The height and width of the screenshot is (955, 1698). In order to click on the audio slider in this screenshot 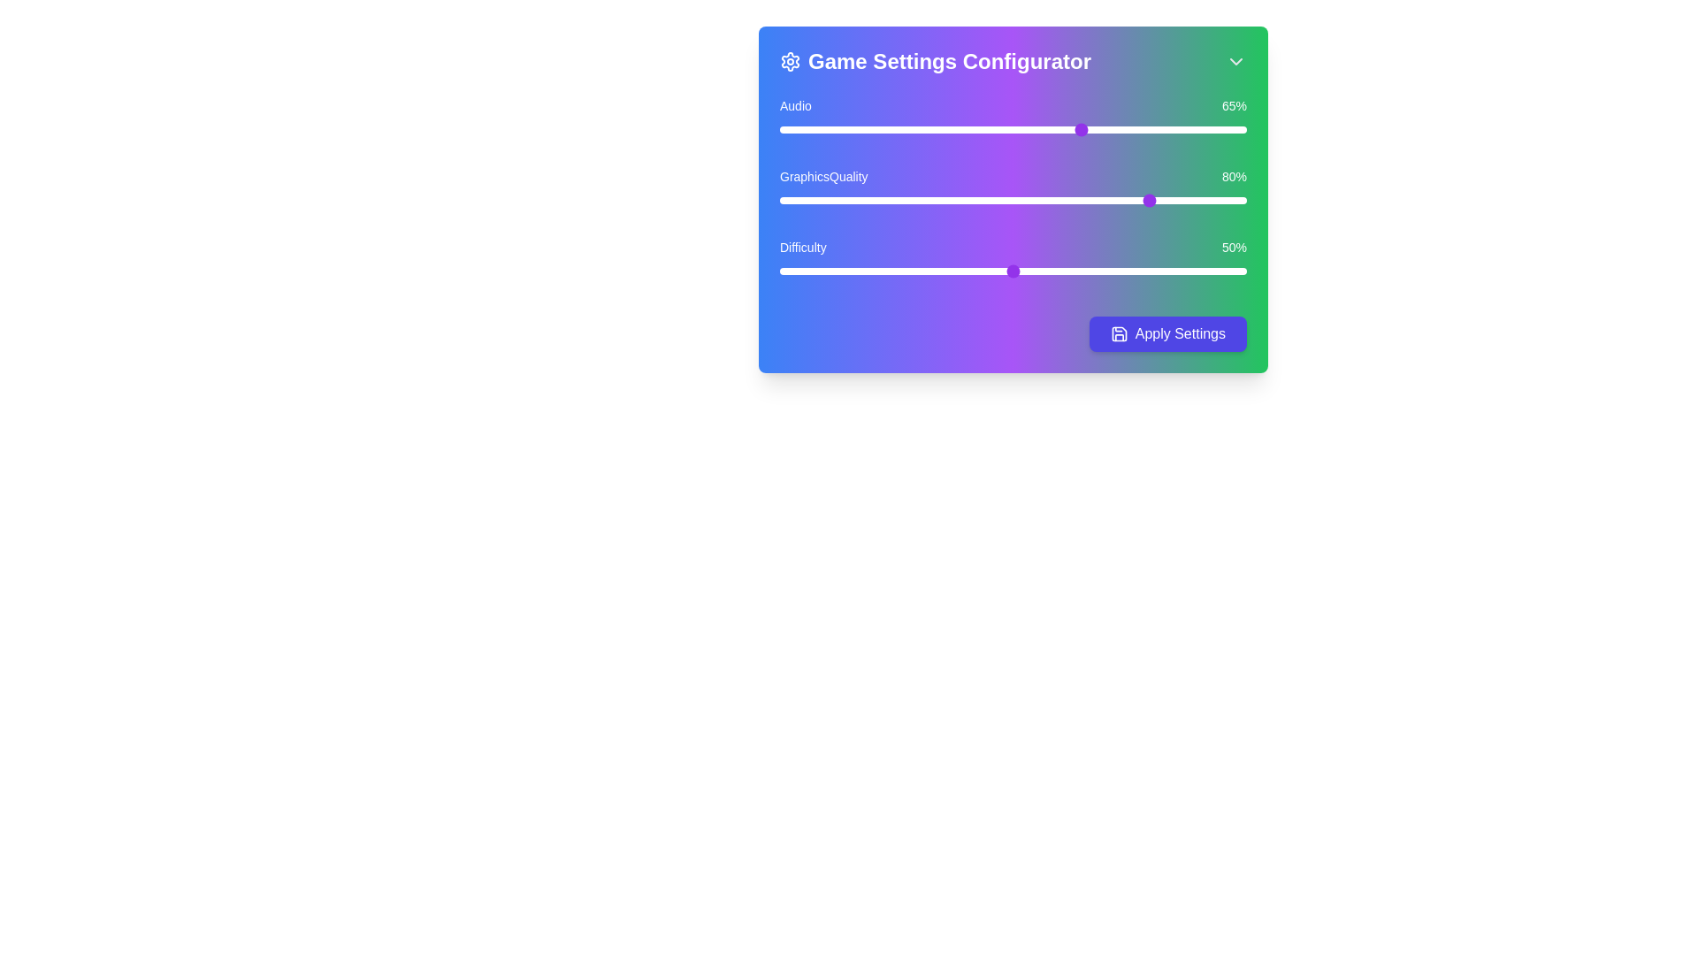, I will do `click(844, 128)`.